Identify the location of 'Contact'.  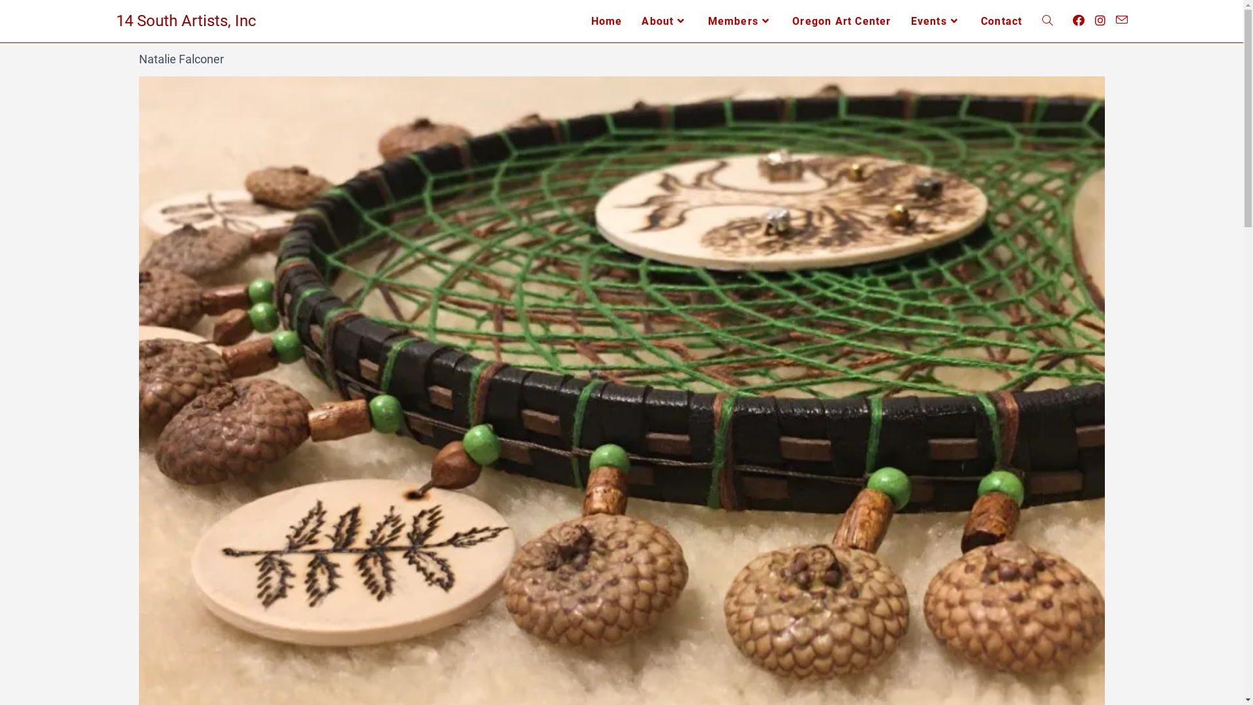
(1000, 21).